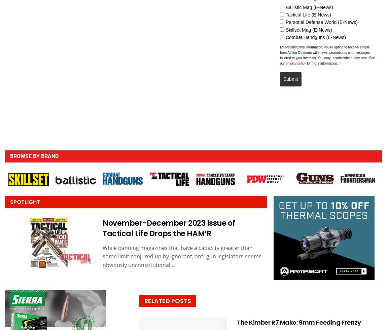 Image resolution: width=387 pixels, height=330 pixels. I want to click on 'Skillset Mag (E-News)', so click(285, 29).